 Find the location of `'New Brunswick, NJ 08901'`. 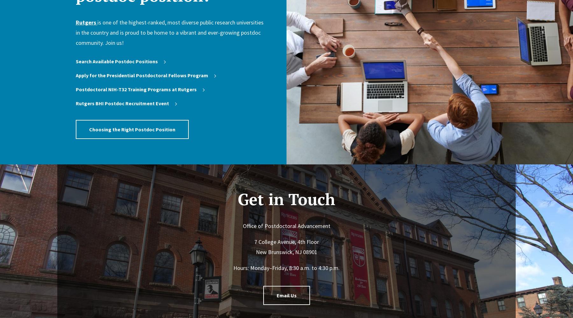

'New Brunswick, NJ 08901' is located at coordinates (286, 252).